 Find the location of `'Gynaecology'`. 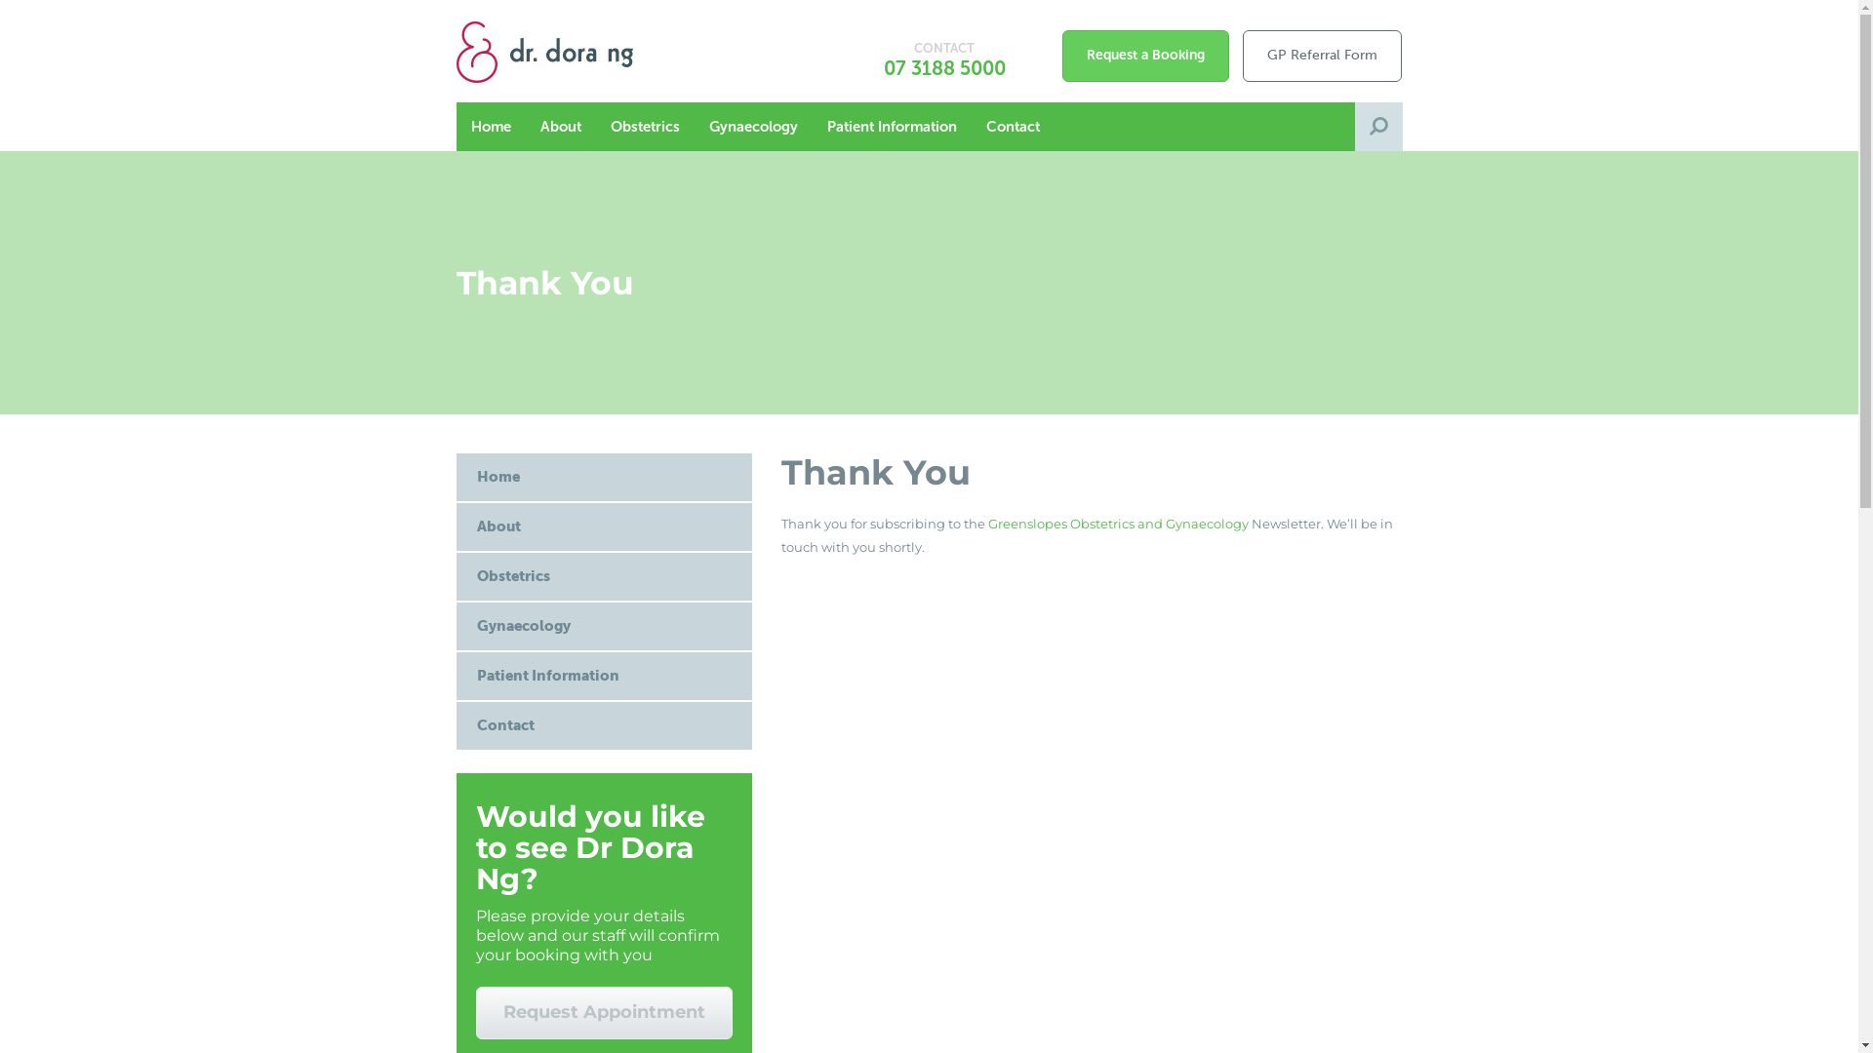

'Gynaecology' is located at coordinates (455, 626).